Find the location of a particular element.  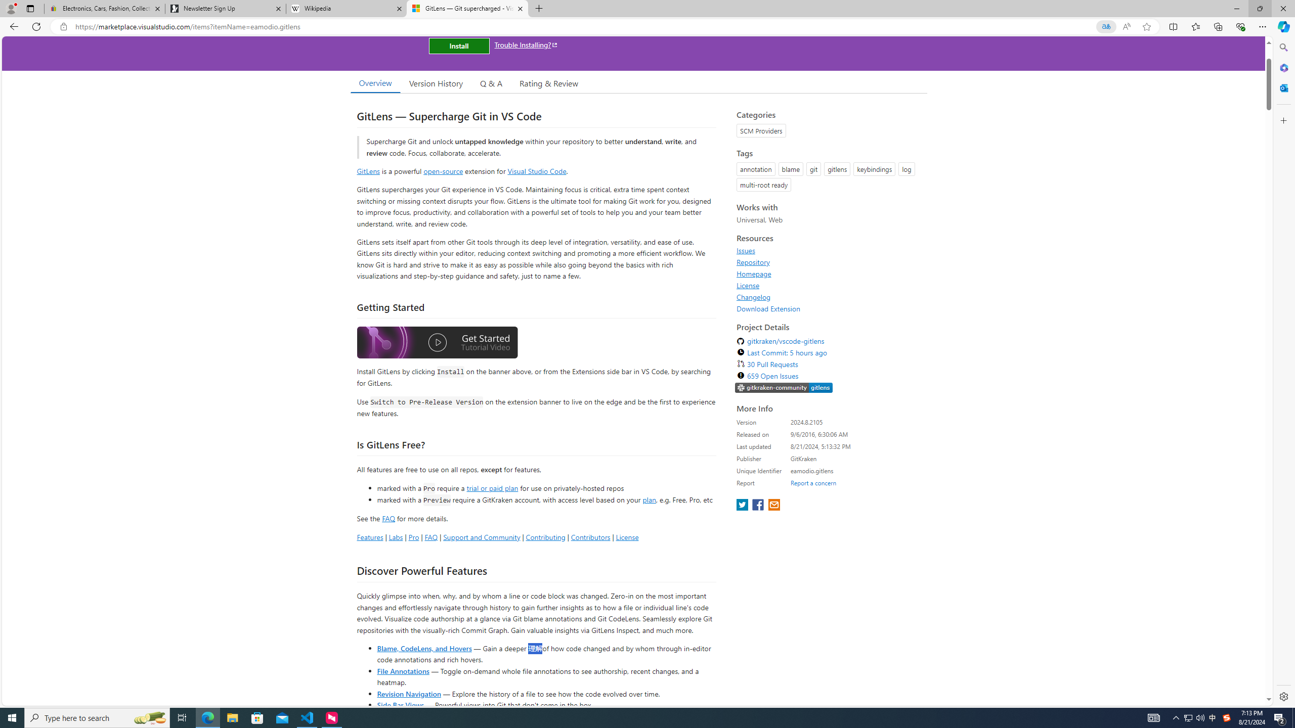

'Contributing' is located at coordinates (546, 536).